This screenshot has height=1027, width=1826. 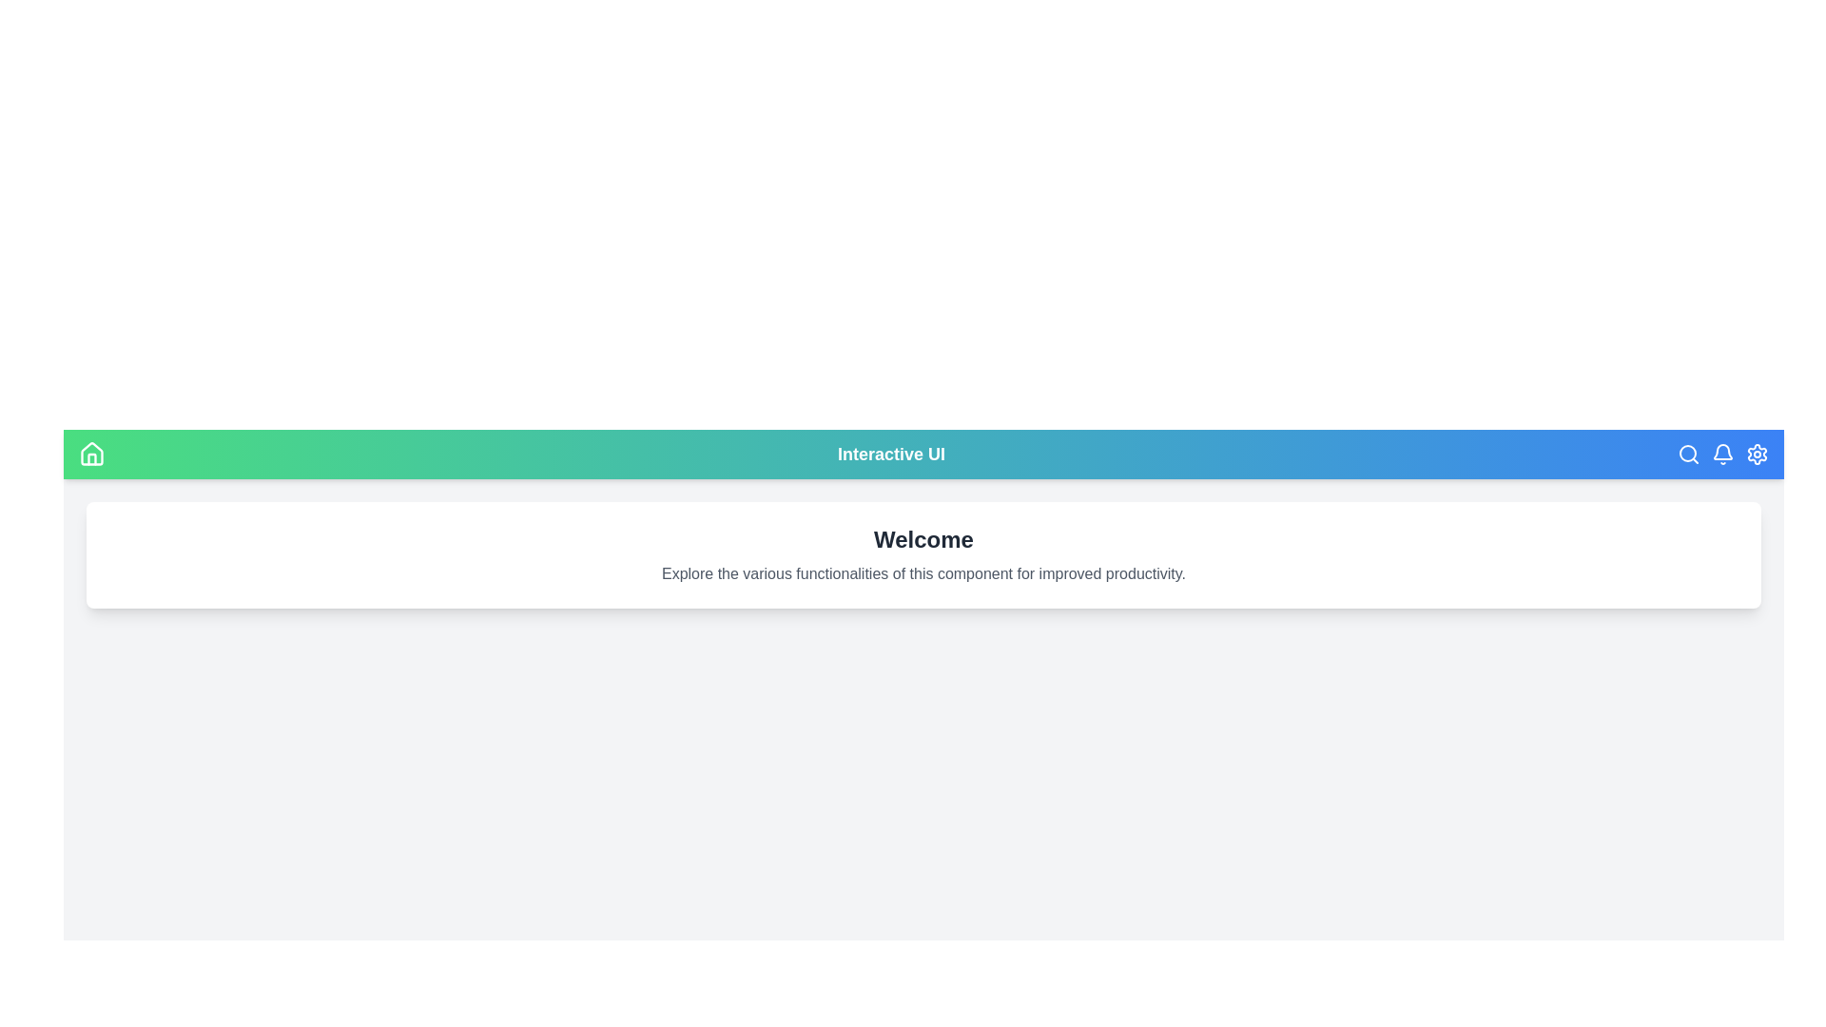 What do you see at coordinates (1757, 455) in the screenshot?
I see `the settings icon to open configuration options` at bounding box center [1757, 455].